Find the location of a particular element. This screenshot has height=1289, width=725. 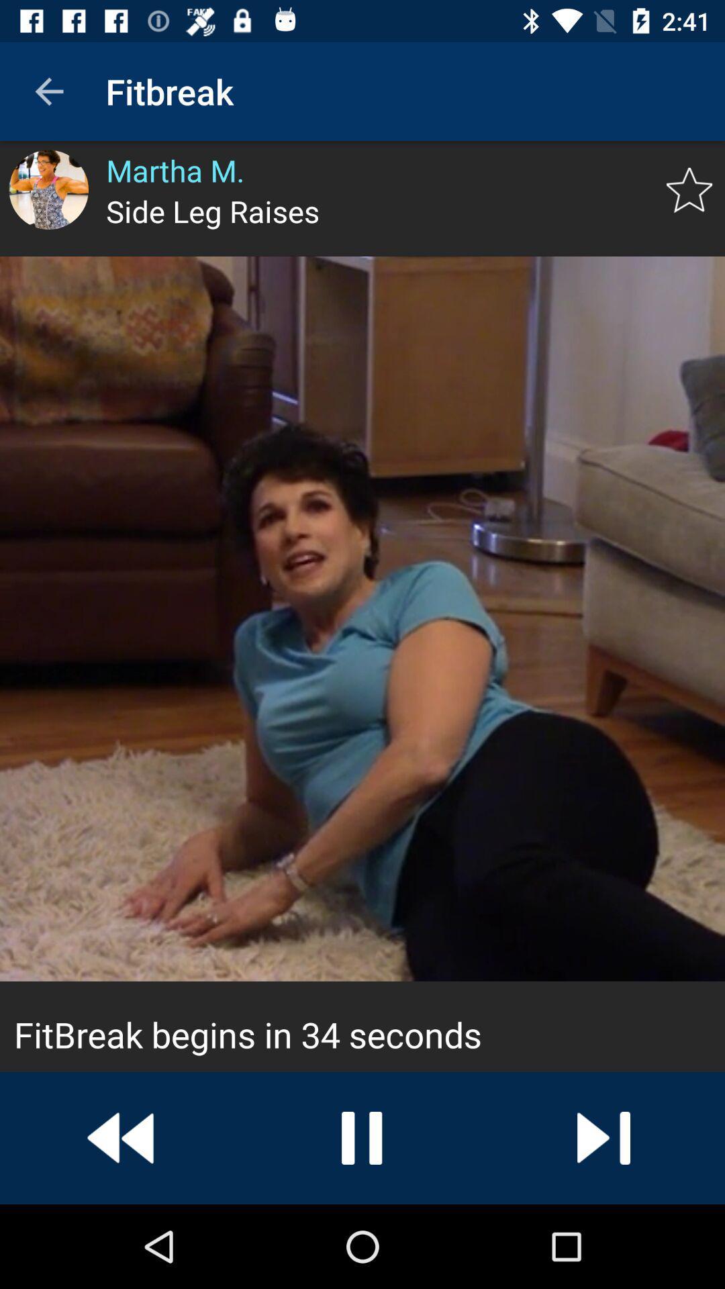

mark as favorite is located at coordinates (689, 189).